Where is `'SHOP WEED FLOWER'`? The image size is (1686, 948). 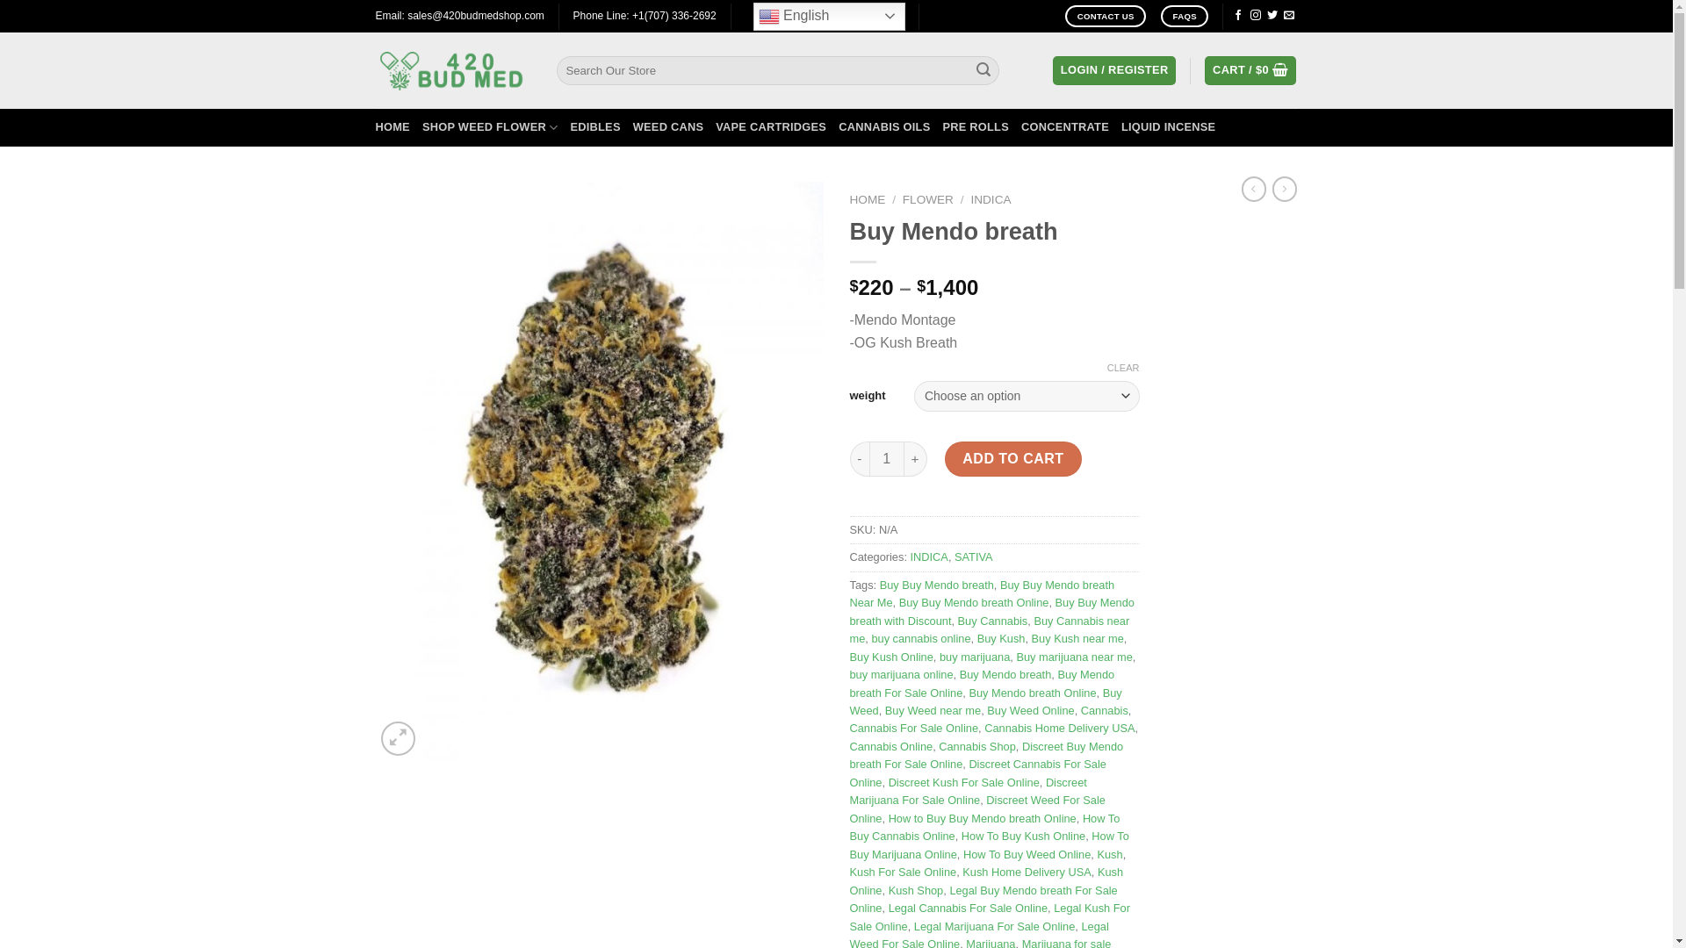 'SHOP WEED FLOWER' is located at coordinates (421, 126).